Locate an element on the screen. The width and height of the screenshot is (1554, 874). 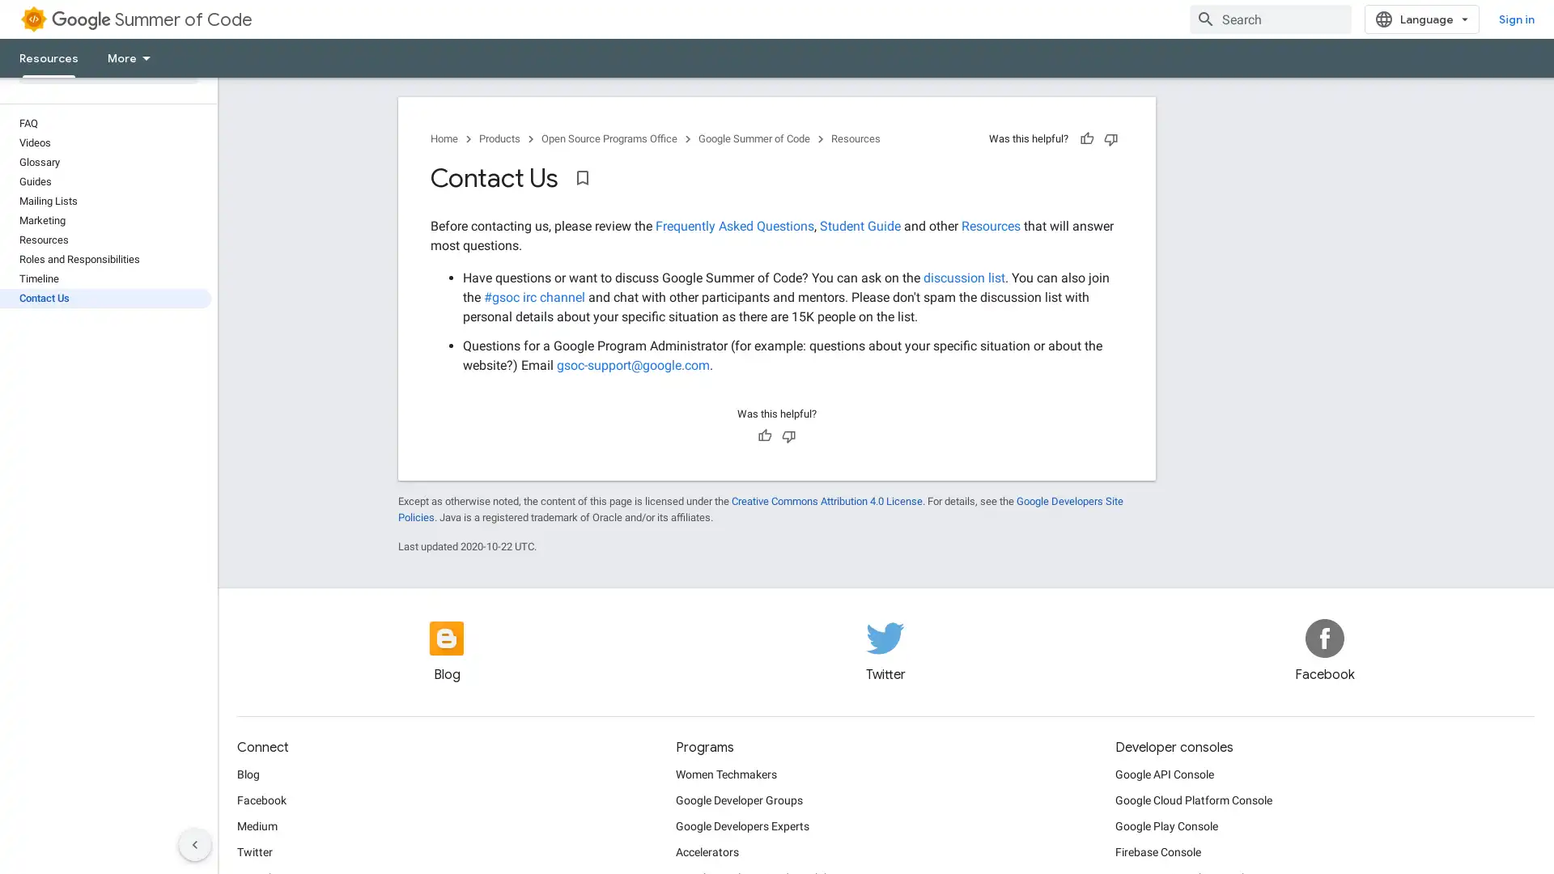
Helpful is located at coordinates (764, 435).